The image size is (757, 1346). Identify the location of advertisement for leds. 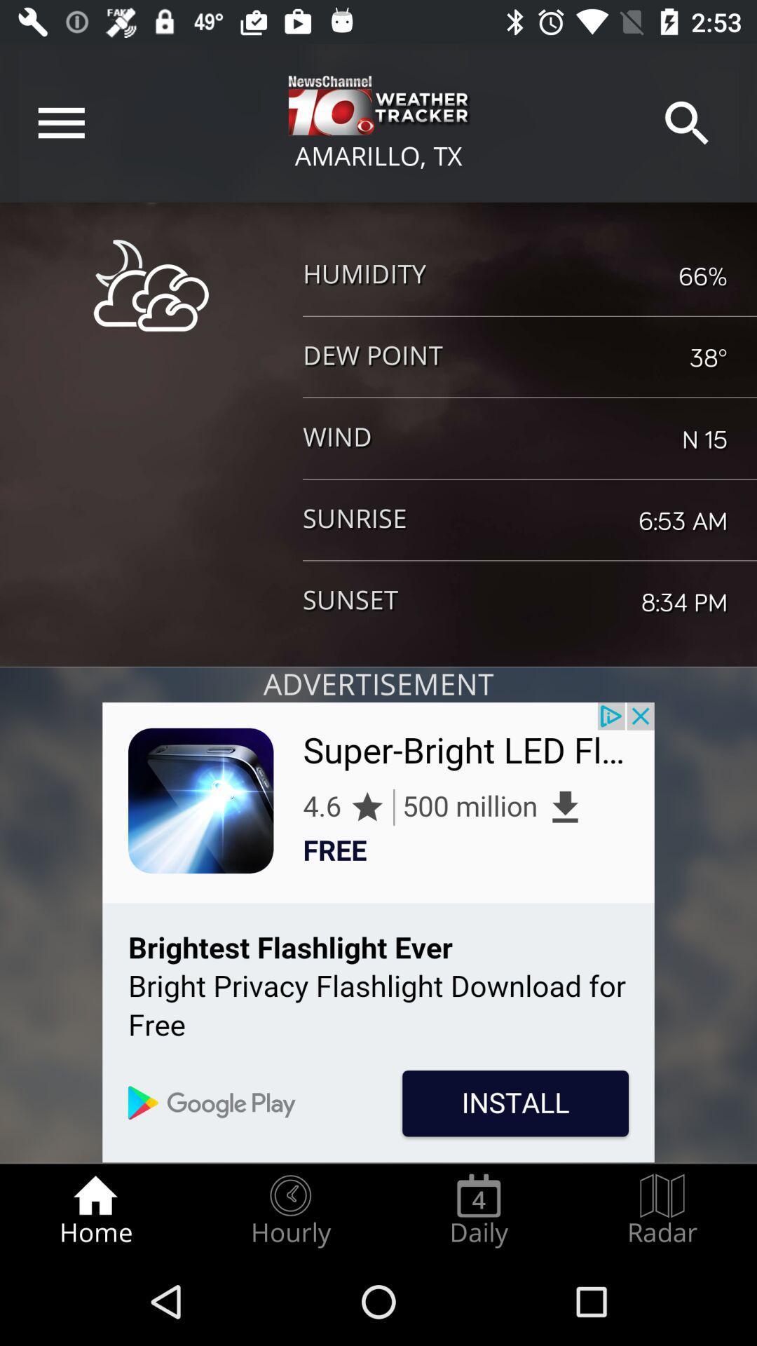
(378, 932).